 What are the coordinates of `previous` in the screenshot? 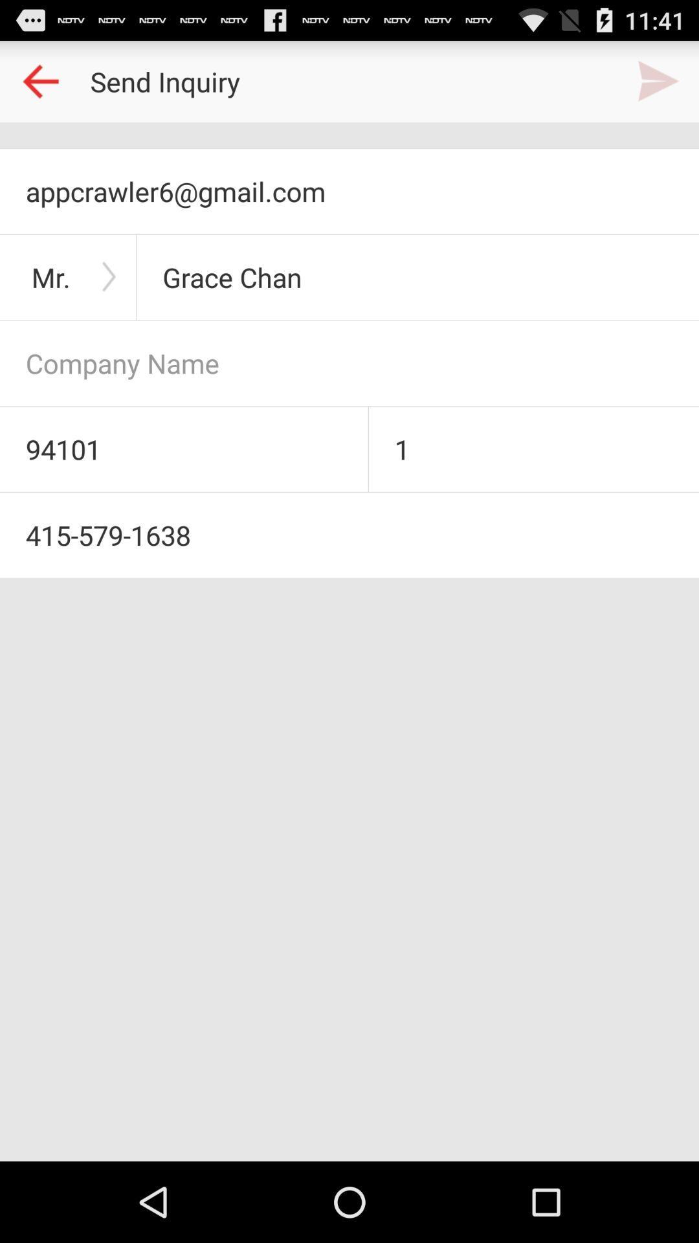 It's located at (39, 80).